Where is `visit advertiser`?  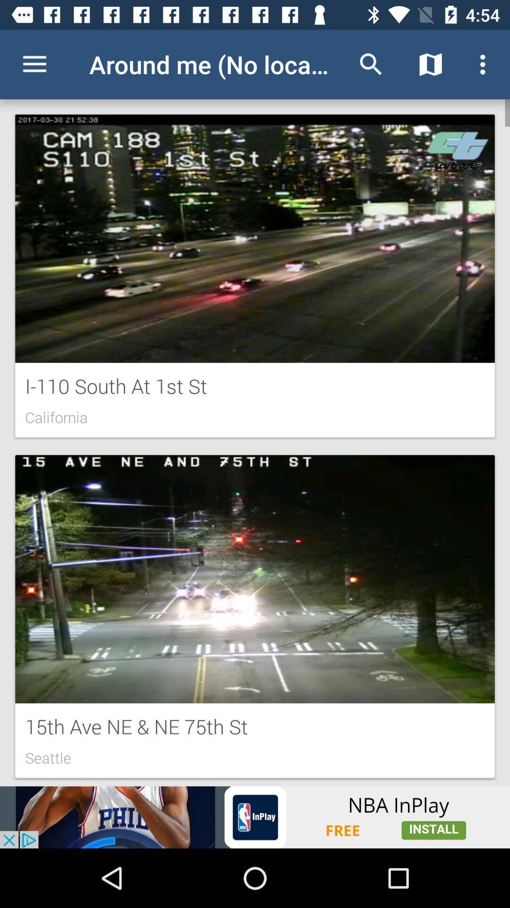
visit advertiser is located at coordinates (255, 817).